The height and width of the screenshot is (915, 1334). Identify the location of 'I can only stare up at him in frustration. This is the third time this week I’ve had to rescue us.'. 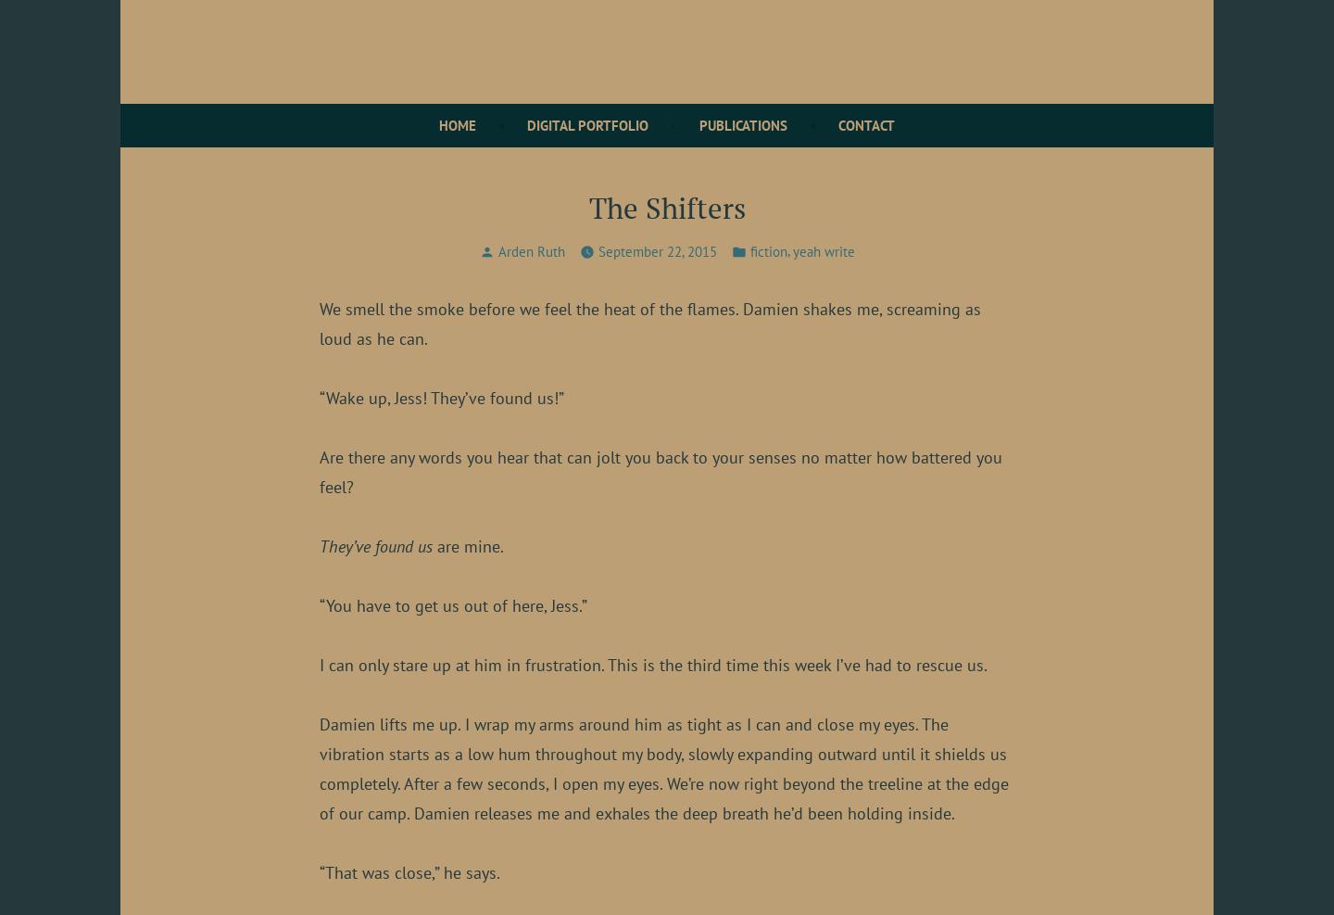
(653, 663).